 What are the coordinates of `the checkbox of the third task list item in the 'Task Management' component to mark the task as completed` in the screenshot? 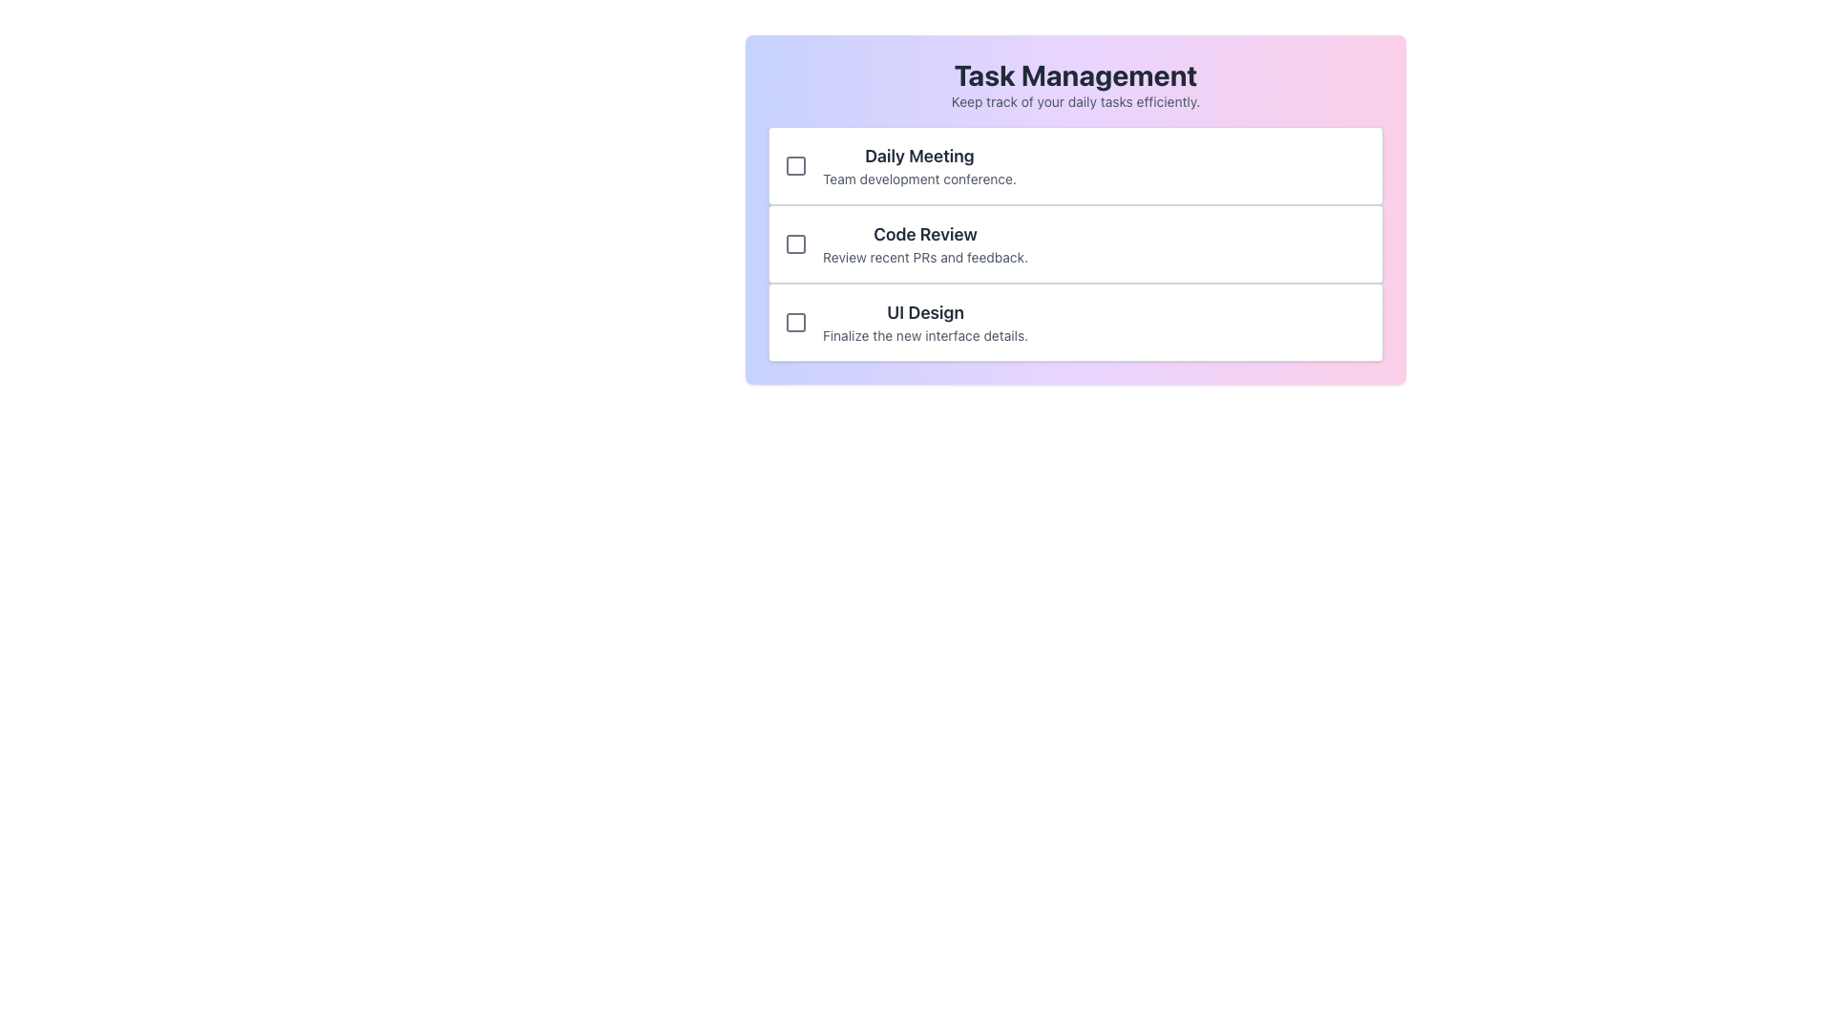 It's located at (1076, 322).